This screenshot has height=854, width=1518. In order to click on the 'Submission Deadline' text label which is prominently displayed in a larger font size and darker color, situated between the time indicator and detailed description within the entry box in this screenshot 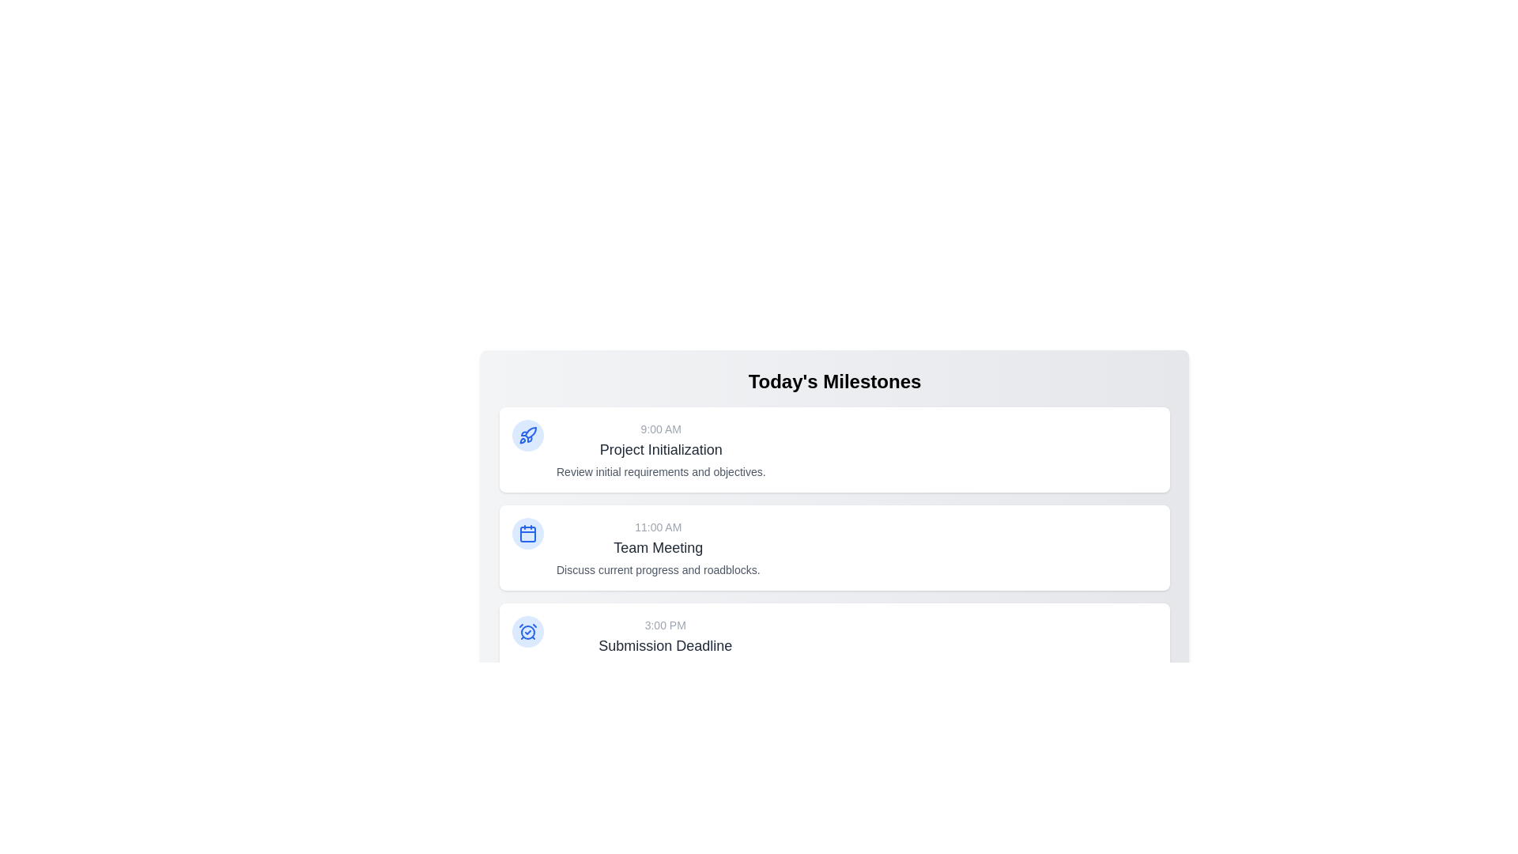, I will do `click(665, 646)`.